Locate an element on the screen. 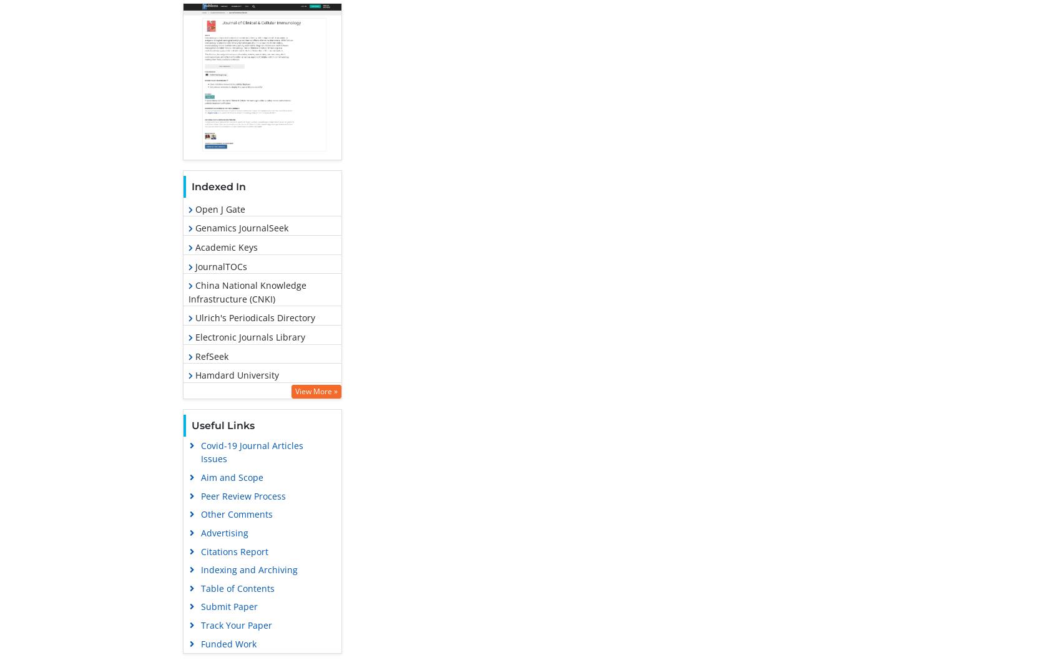 Image resolution: width=1058 pixels, height=663 pixels. 'SWB online catalog' is located at coordinates (232, 432).